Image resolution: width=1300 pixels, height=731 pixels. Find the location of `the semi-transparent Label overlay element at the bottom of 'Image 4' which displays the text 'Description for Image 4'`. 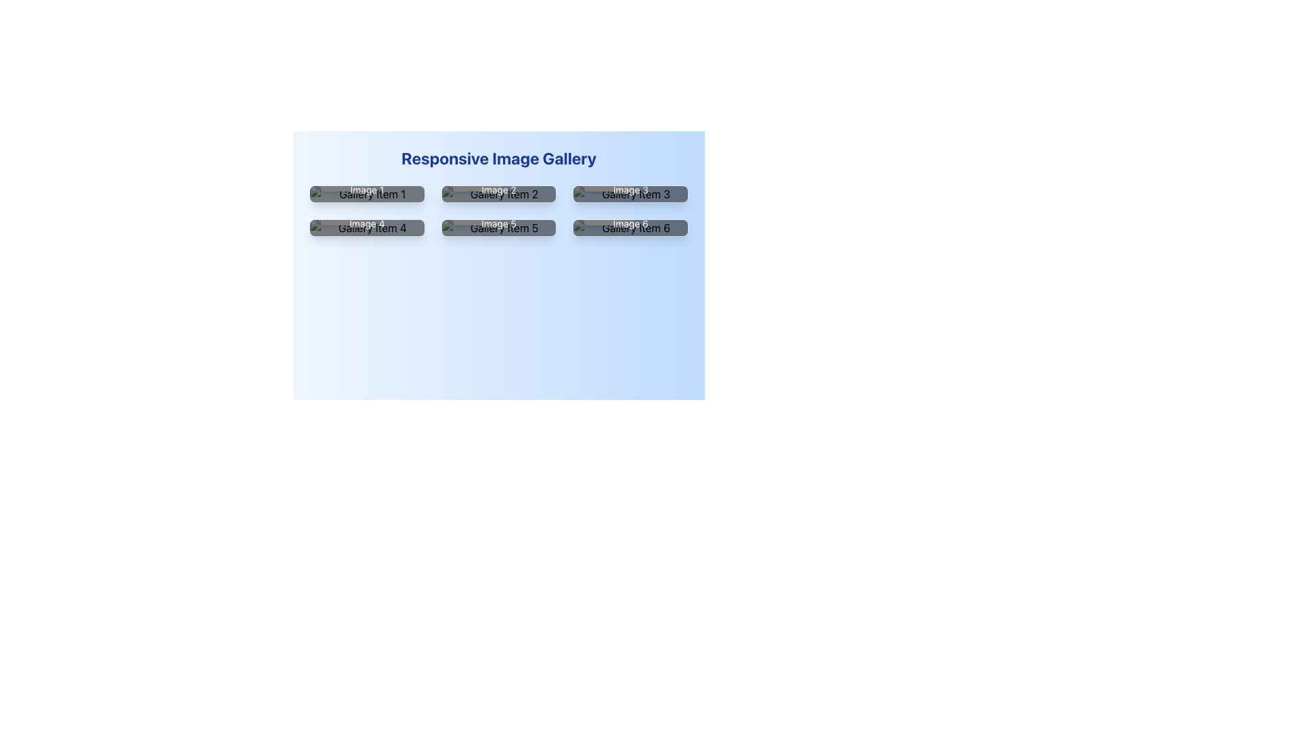

the semi-transparent Label overlay element at the bottom of 'Image 4' which displays the text 'Description for Image 4' is located at coordinates (367, 216).